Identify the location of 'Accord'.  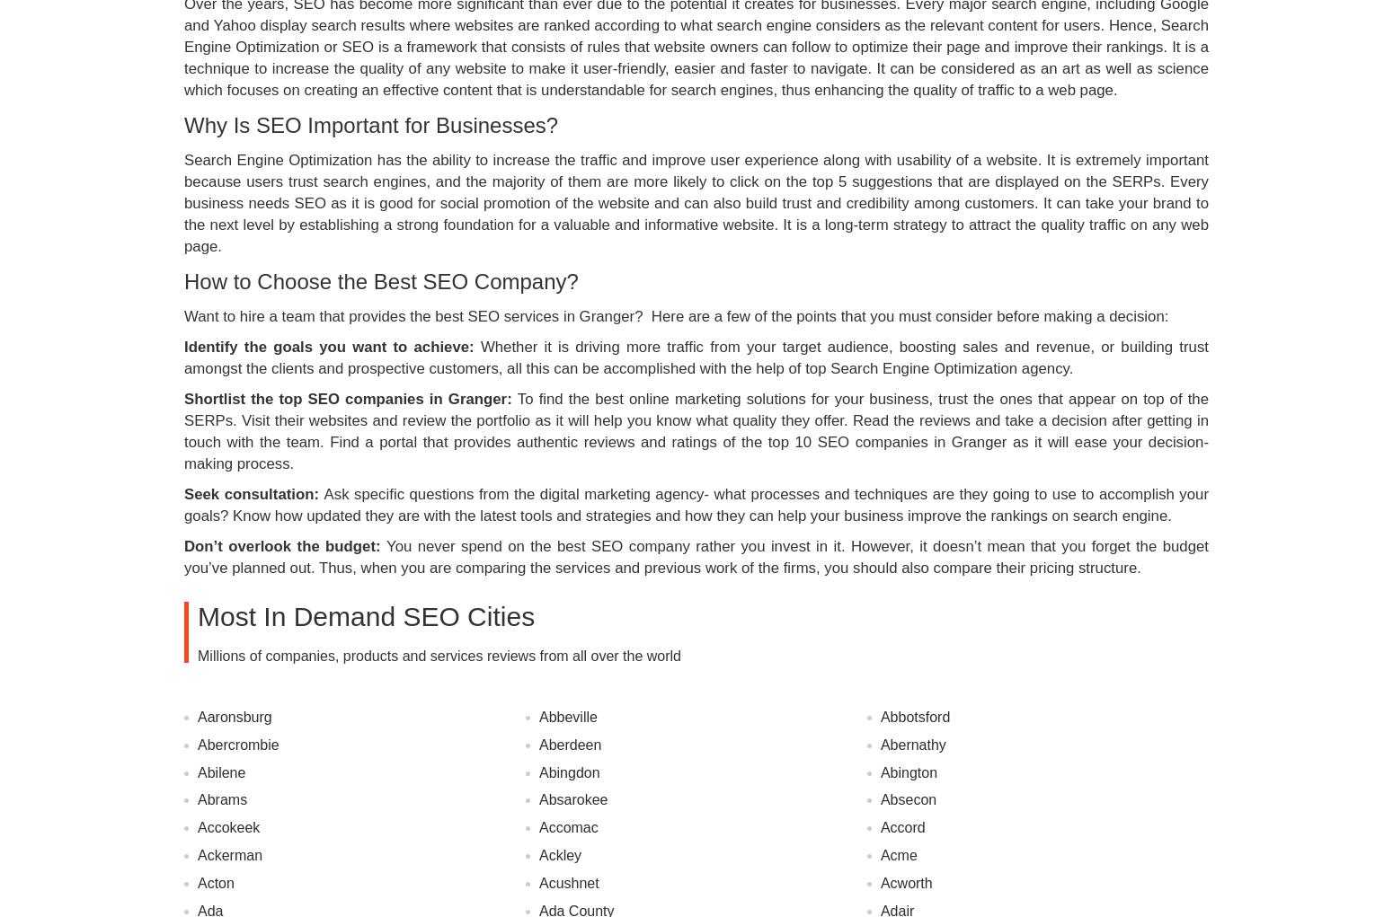
(901, 827).